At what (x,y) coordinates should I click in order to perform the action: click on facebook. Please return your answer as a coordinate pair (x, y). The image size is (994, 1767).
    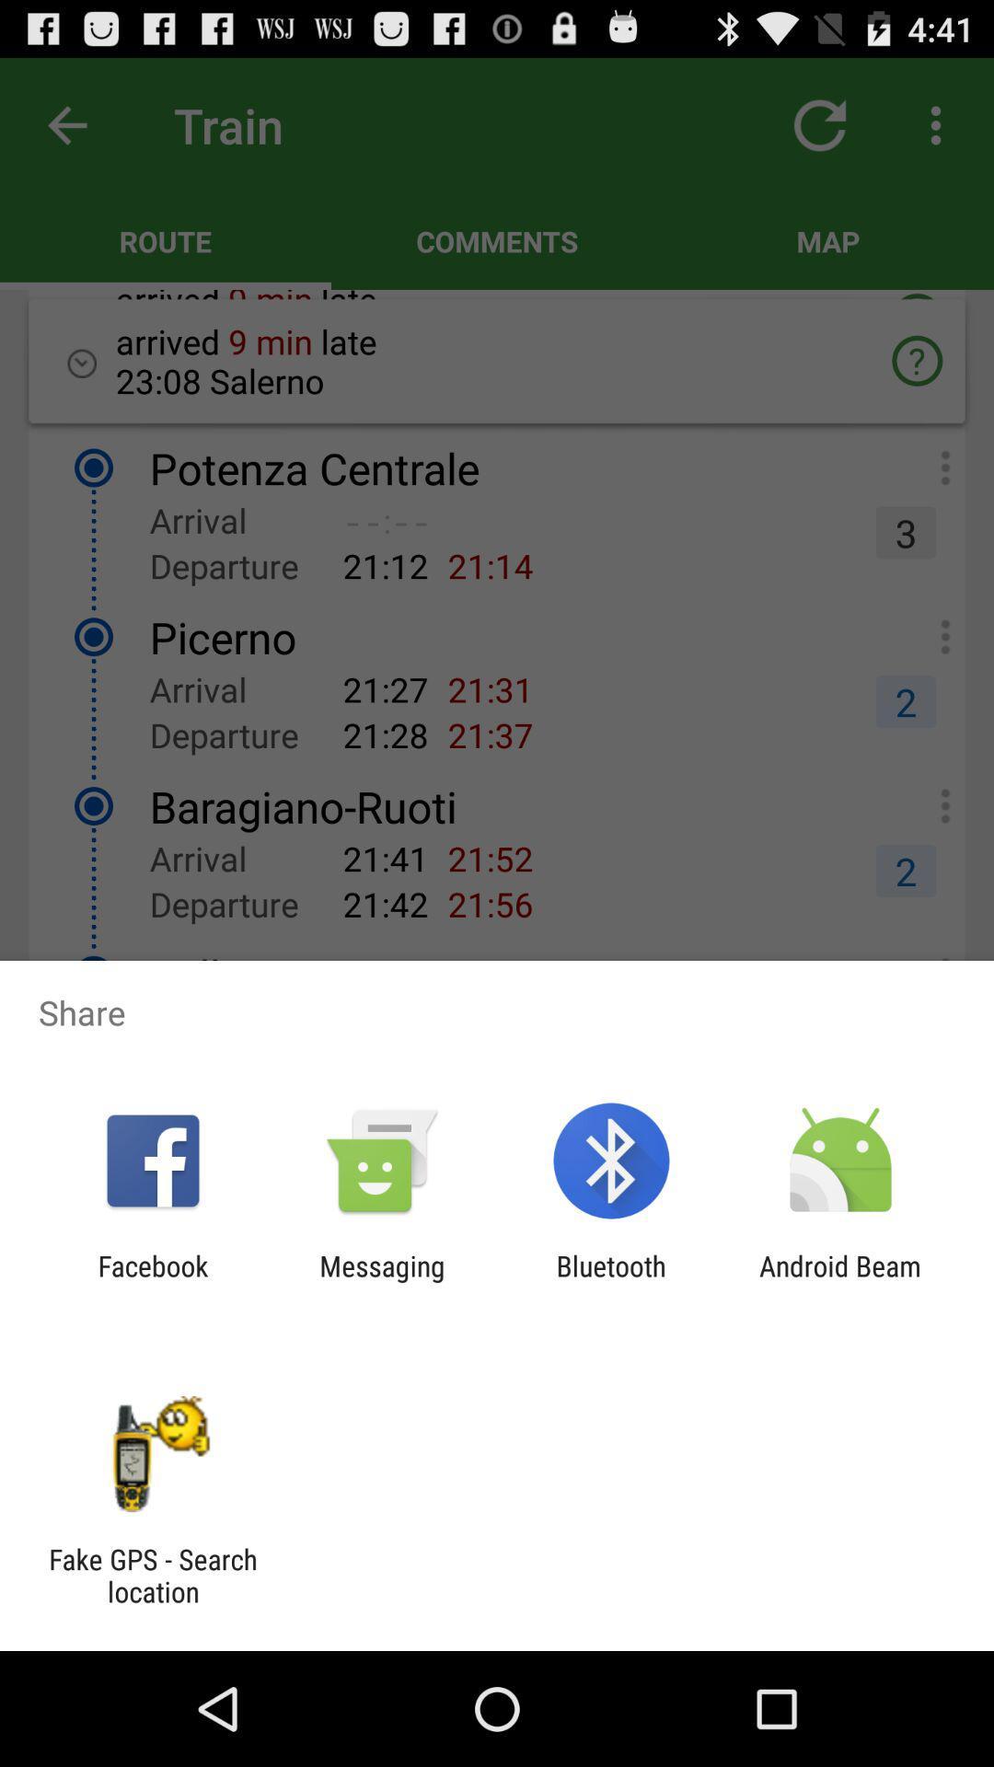
    Looking at the image, I should click on (152, 1281).